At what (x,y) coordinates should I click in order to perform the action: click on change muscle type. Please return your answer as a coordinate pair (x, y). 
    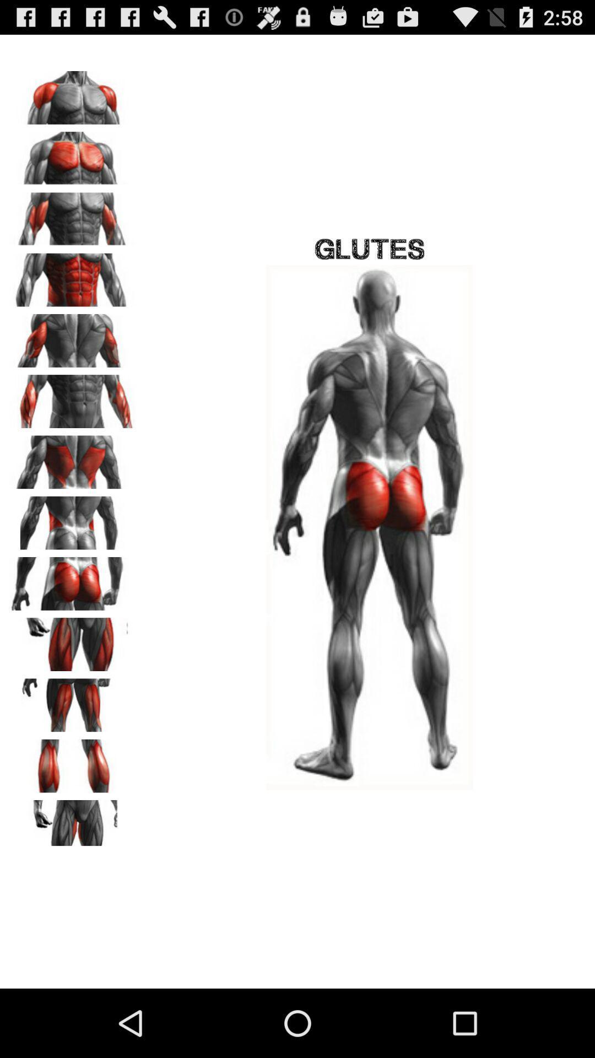
    Looking at the image, I should click on (72, 336).